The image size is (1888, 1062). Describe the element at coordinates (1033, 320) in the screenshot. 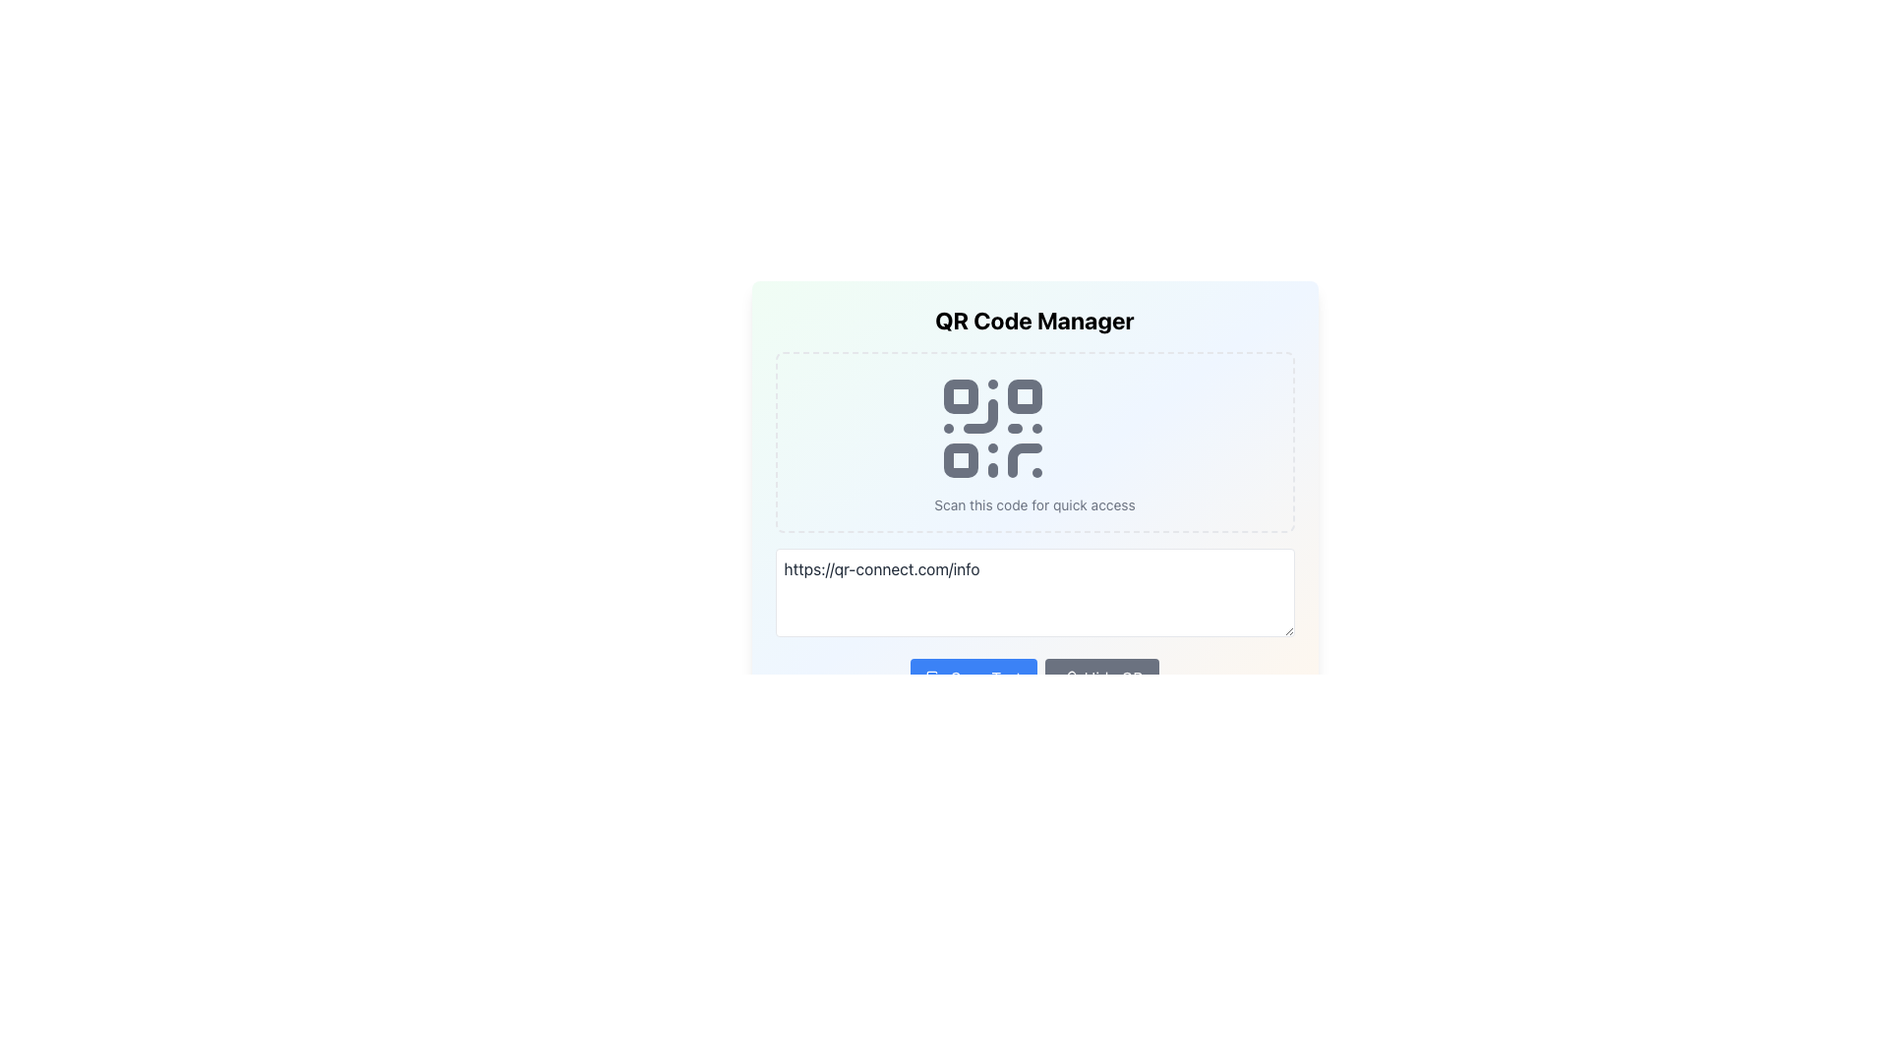

I see `the title text element located at the top center of the interface, which indicates the purpose or context of the surrounding content` at that location.